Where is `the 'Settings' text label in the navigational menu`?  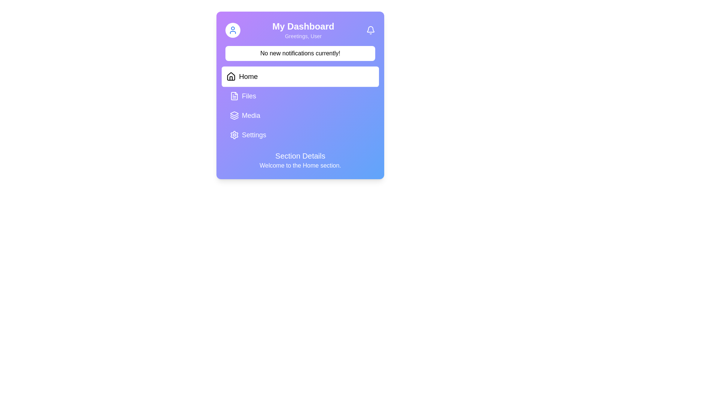
the 'Settings' text label in the navigational menu is located at coordinates (254, 135).